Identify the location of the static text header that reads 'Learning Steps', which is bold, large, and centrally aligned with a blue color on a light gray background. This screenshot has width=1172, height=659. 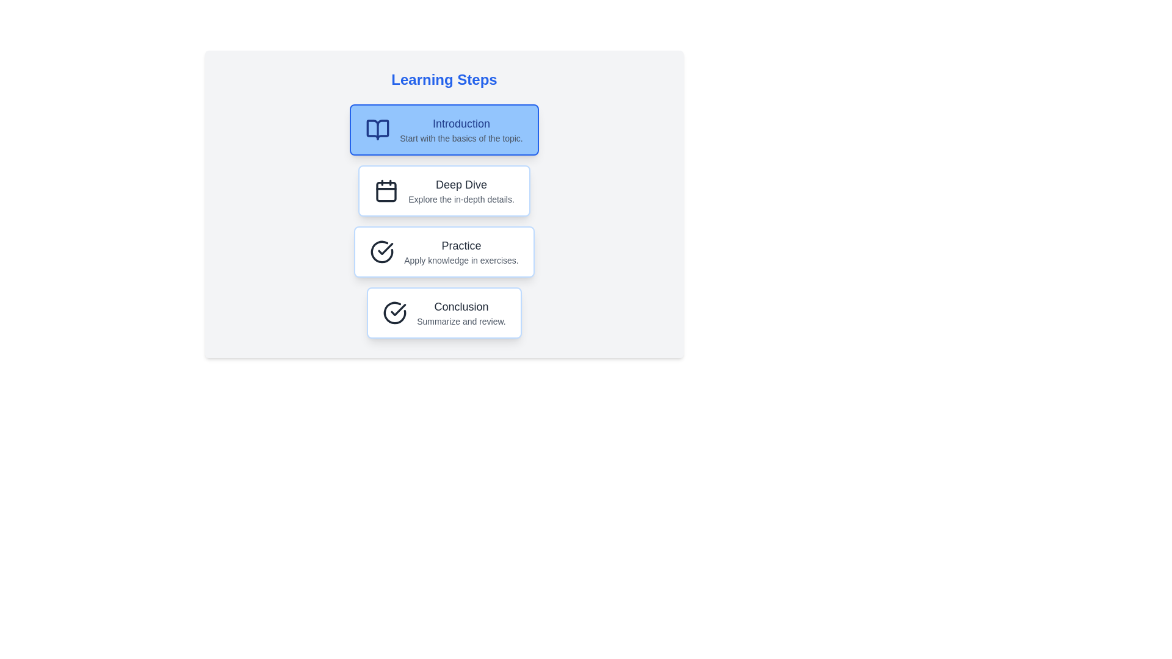
(444, 80).